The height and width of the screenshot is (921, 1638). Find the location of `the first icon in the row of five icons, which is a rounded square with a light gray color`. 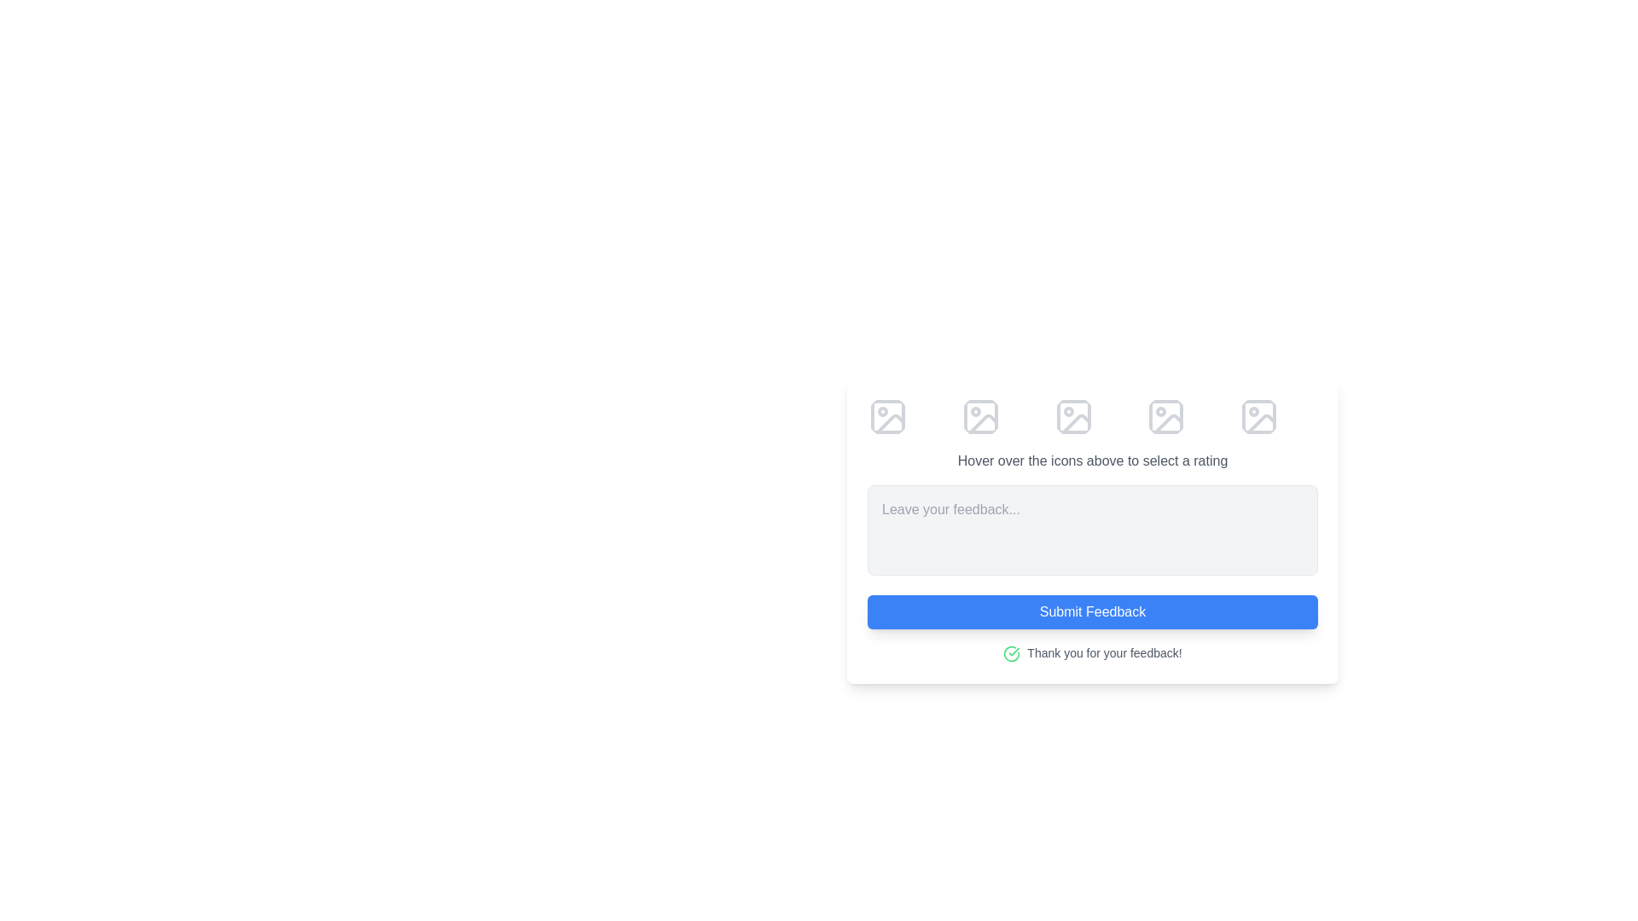

the first icon in the row of five icons, which is a rounded square with a light gray color is located at coordinates (887, 417).